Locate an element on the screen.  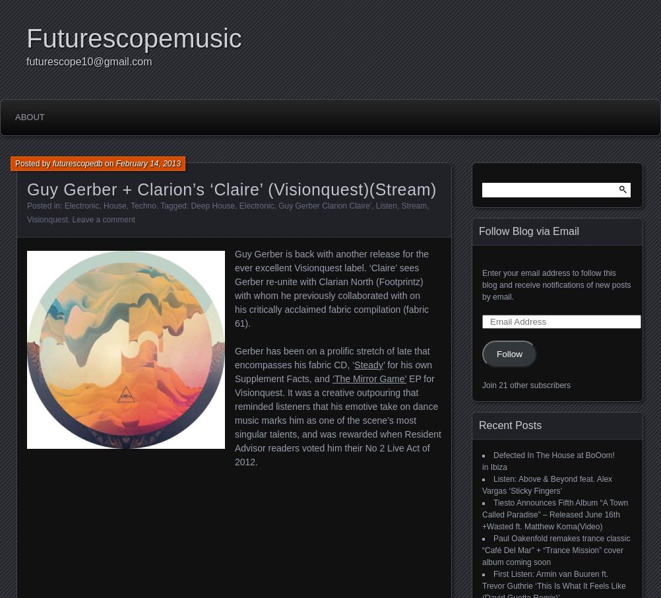
'Posted by' is located at coordinates (34, 163).